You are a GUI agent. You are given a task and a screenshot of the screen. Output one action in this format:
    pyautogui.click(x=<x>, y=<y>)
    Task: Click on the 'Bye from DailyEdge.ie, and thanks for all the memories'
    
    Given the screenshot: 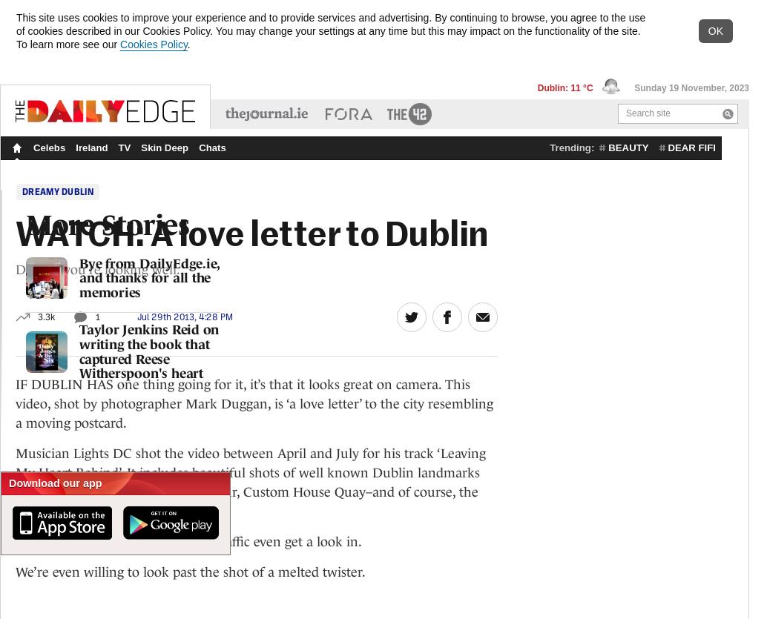 What is the action you would take?
    pyautogui.click(x=149, y=277)
    